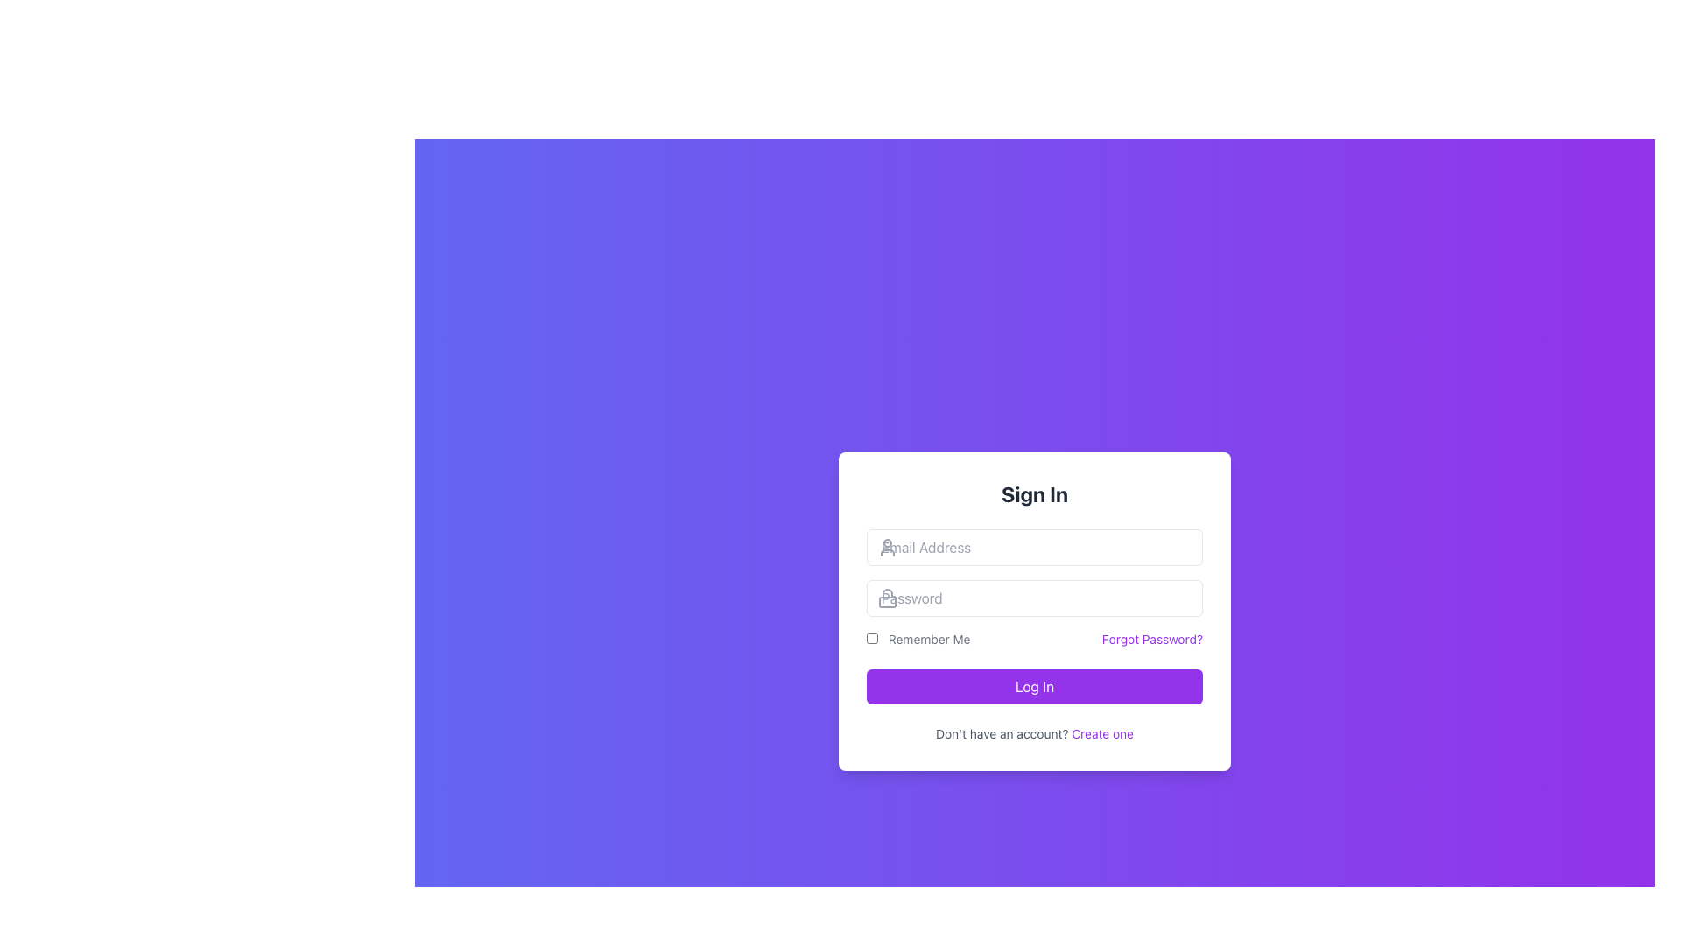 The height and width of the screenshot is (945, 1681). What do you see at coordinates (887, 546) in the screenshot?
I see `the SVG icon representing the user account, which is adjacent to the email address input field` at bounding box center [887, 546].